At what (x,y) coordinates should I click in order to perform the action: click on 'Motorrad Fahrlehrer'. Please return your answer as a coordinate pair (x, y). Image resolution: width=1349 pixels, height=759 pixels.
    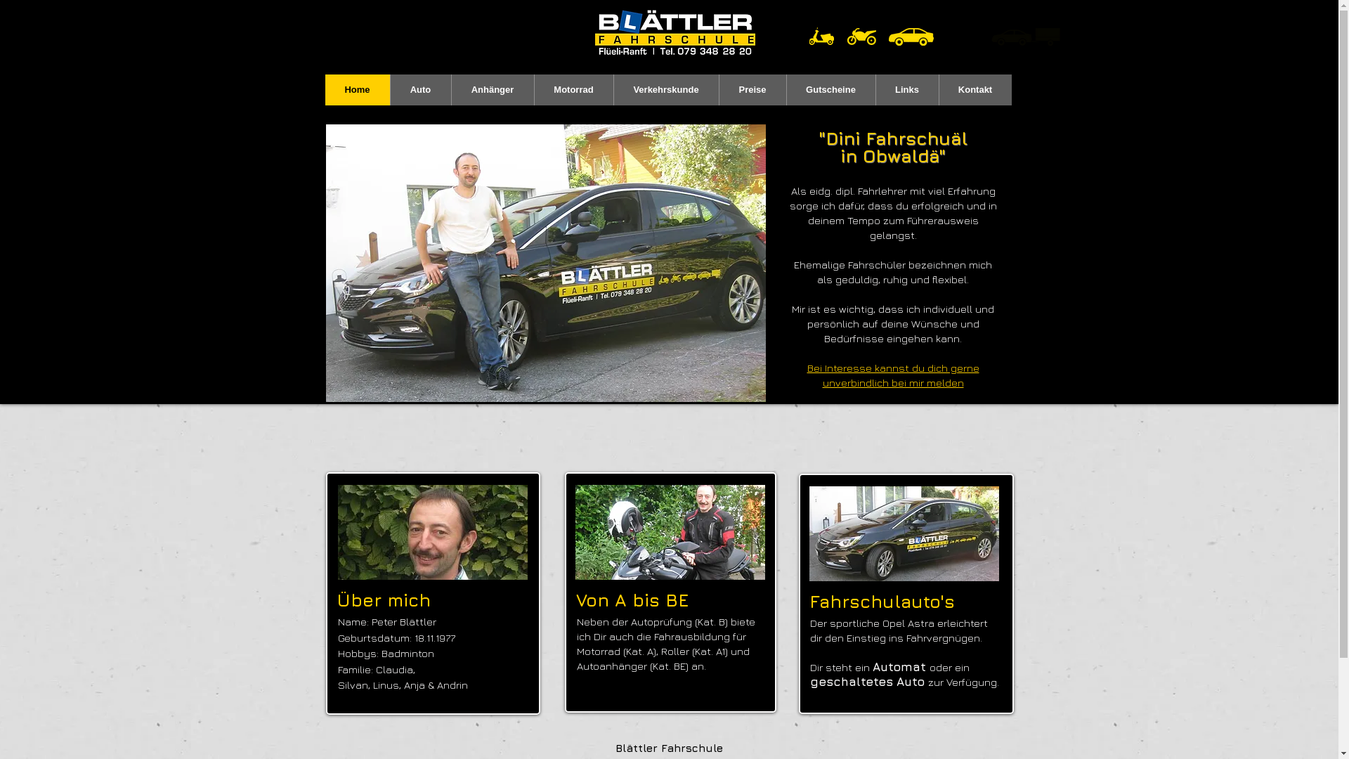
    Looking at the image, I should click on (669, 532).